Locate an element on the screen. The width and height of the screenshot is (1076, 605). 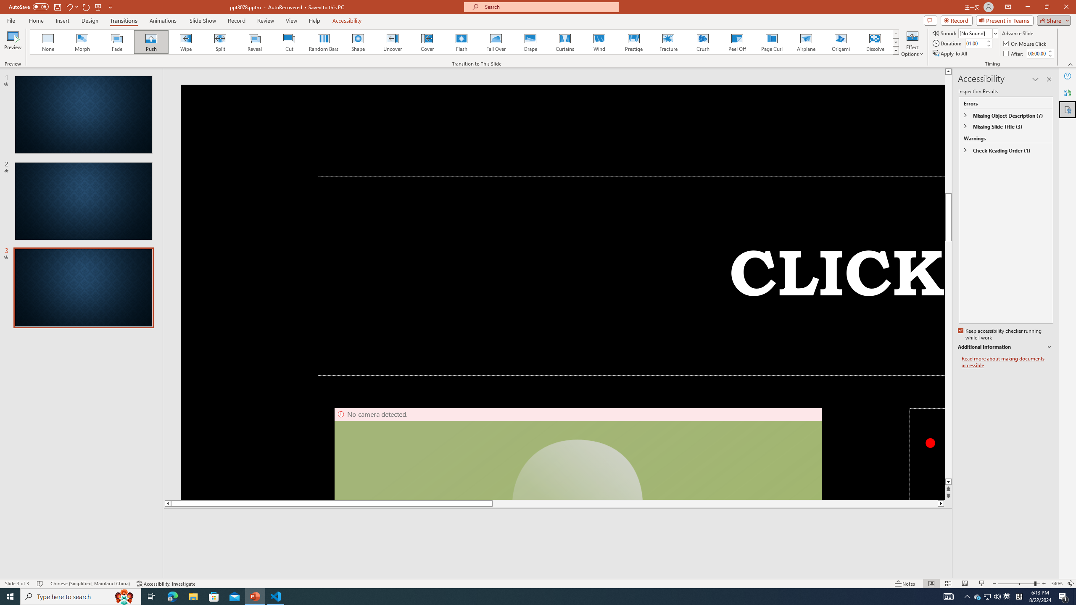
'Apply To All' is located at coordinates (951, 53).